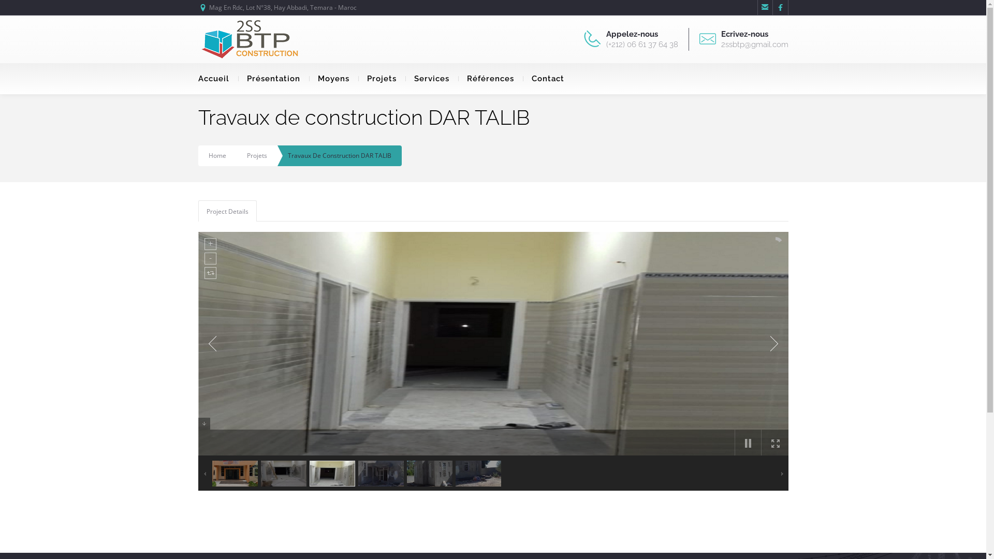 This screenshot has height=559, width=994. What do you see at coordinates (333, 78) in the screenshot?
I see `'Moyens'` at bounding box center [333, 78].